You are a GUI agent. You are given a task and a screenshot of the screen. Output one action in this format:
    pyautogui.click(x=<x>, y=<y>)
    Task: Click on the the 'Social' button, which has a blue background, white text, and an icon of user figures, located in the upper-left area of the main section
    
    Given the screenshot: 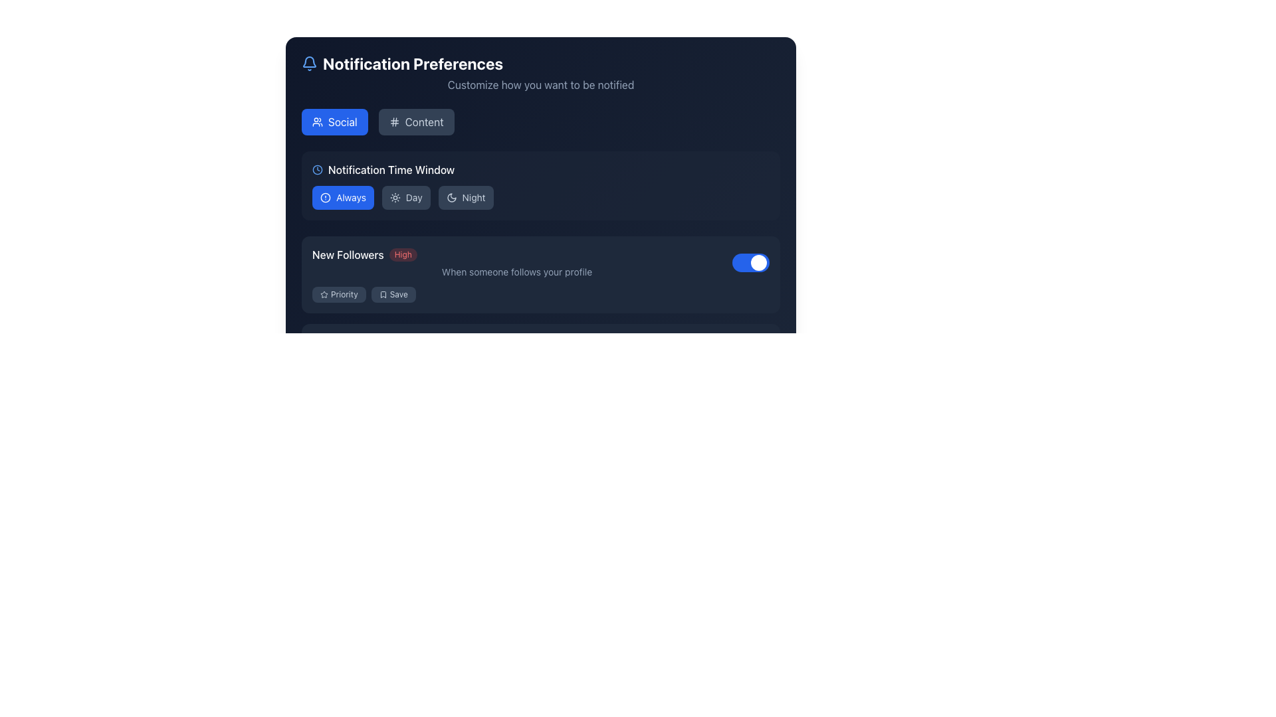 What is the action you would take?
    pyautogui.click(x=334, y=122)
    